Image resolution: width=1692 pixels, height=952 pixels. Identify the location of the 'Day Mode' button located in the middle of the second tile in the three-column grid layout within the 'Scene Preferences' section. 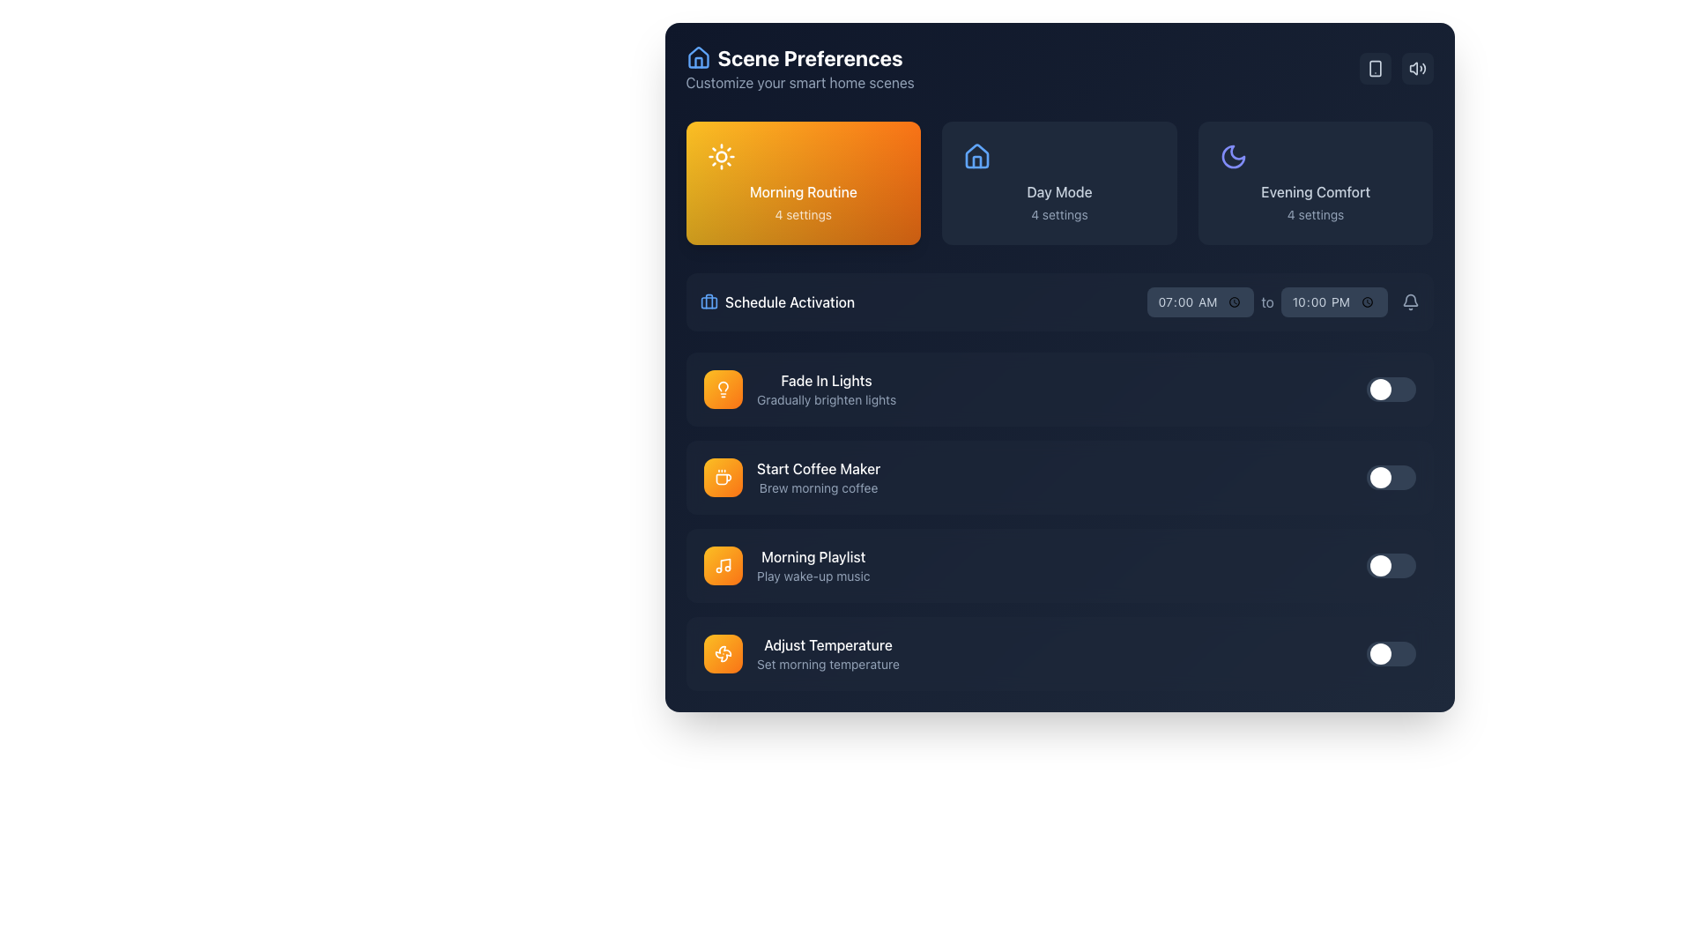
(1058, 183).